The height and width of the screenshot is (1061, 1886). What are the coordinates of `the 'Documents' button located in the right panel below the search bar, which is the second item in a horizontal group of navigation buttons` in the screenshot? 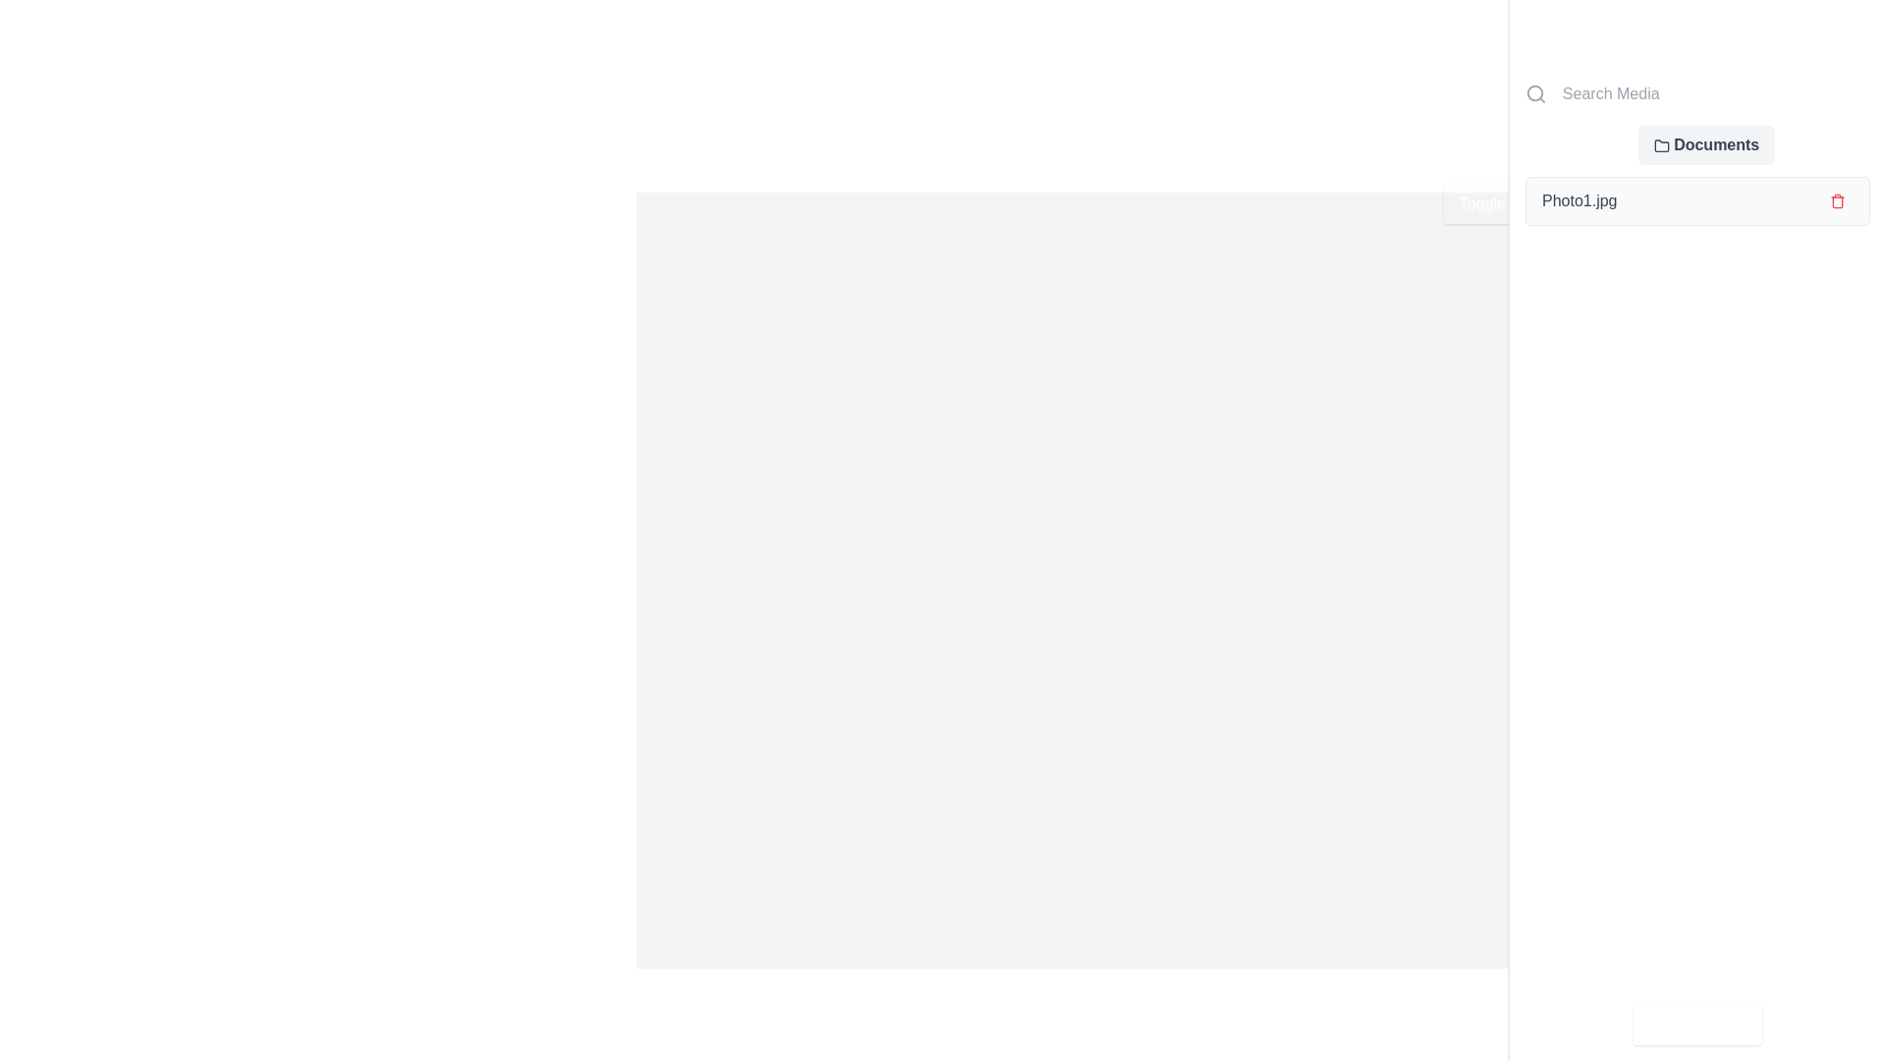 It's located at (1696, 143).